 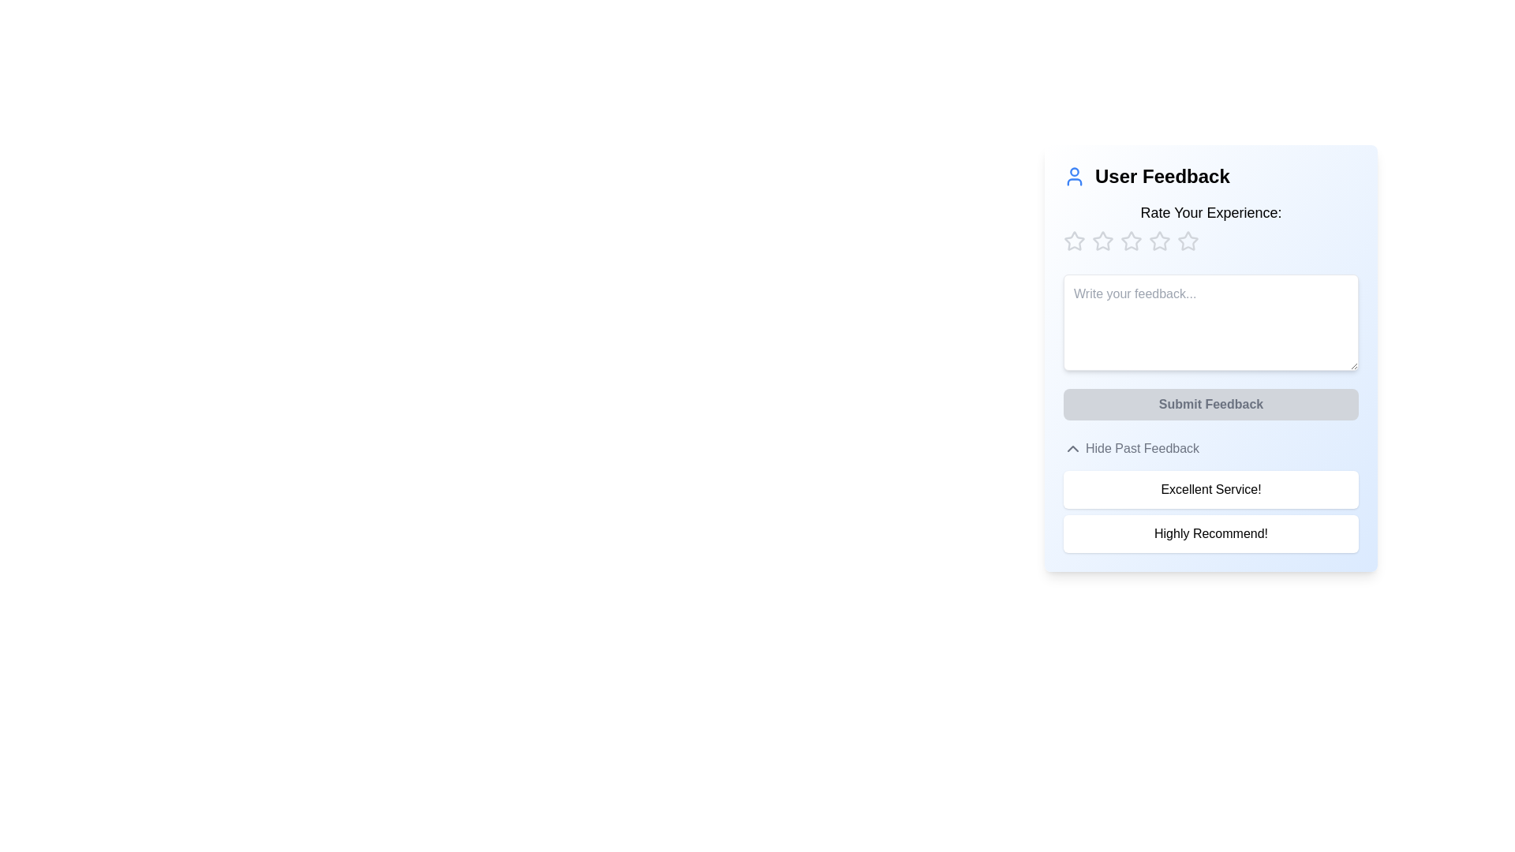 What do you see at coordinates (1074, 172) in the screenshot?
I see `the smaller circular vector graphic within the user profile icon located at the top left of the feedback form interface` at bounding box center [1074, 172].